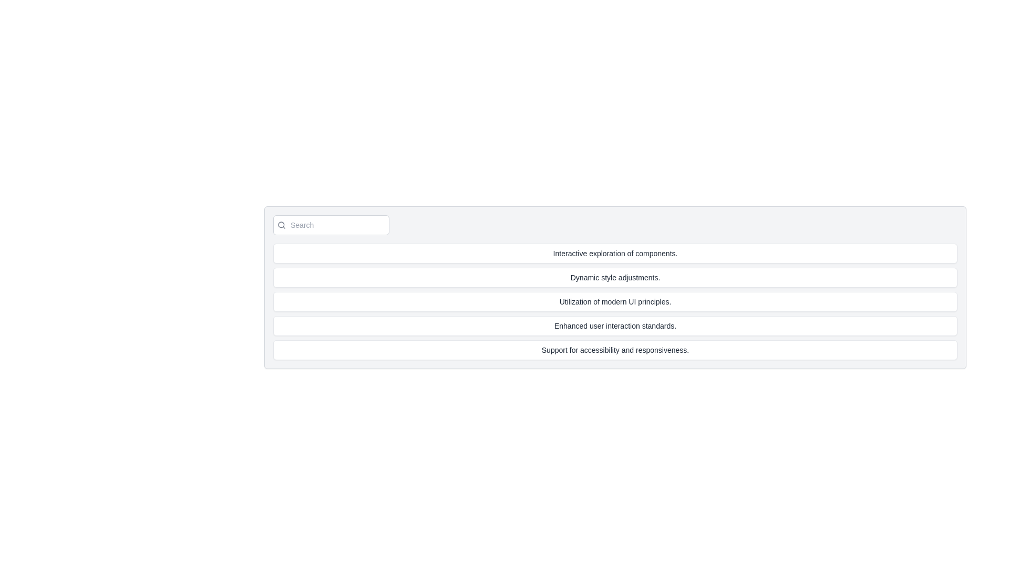 The width and height of the screenshot is (1009, 567). What do you see at coordinates (600, 301) in the screenshot?
I see `the minimal rectangular region located at the end of the line 'Utilization of modern UI principles.', just after 'of'` at bounding box center [600, 301].